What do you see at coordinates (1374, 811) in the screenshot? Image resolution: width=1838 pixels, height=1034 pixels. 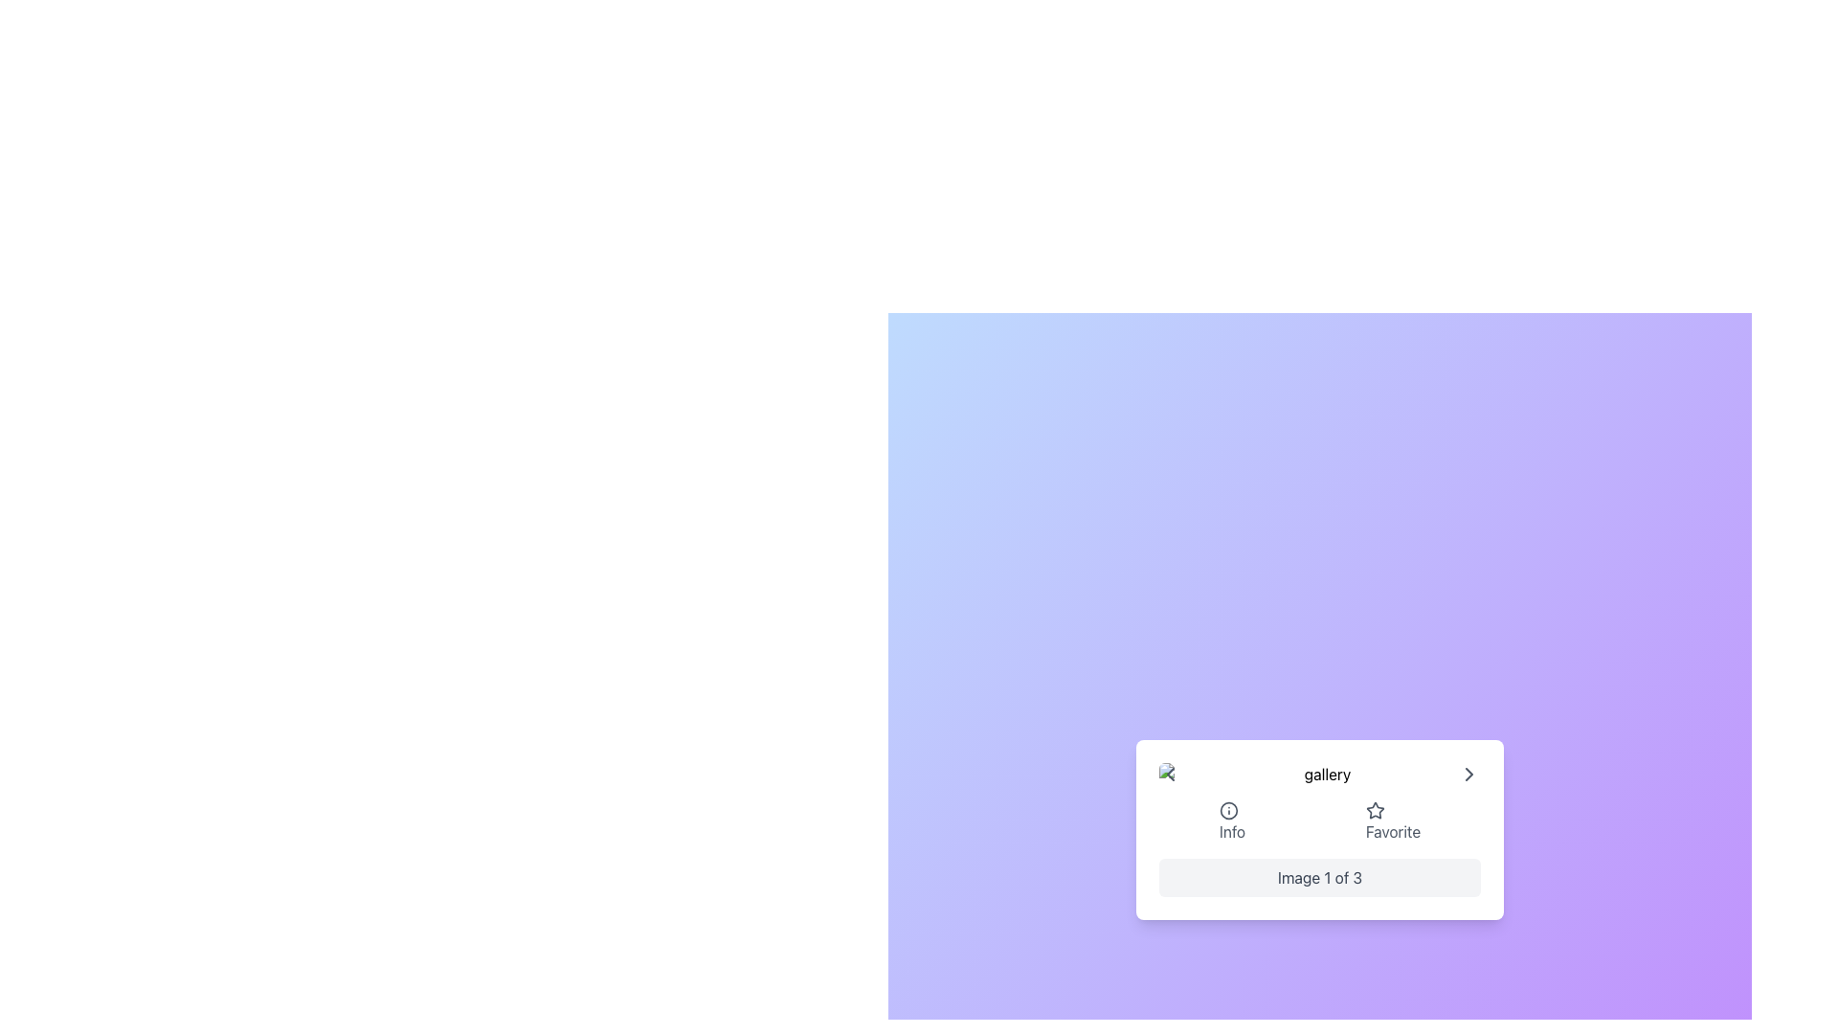 I see `the star-shaped icon with a gray outline next to the 'Favorite' text to mark it` at bounding box center [1374, 811].